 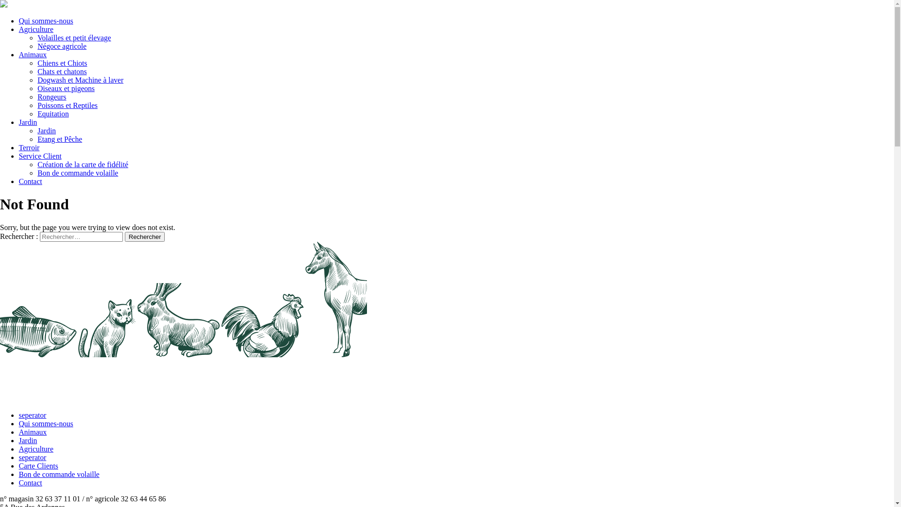 I want to click on 'Rechercher', so click(x=144, y=236).